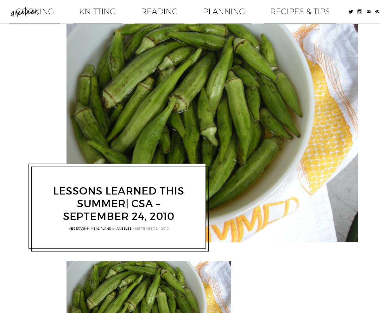  I want to click on 'cooking', so click(163, 8).